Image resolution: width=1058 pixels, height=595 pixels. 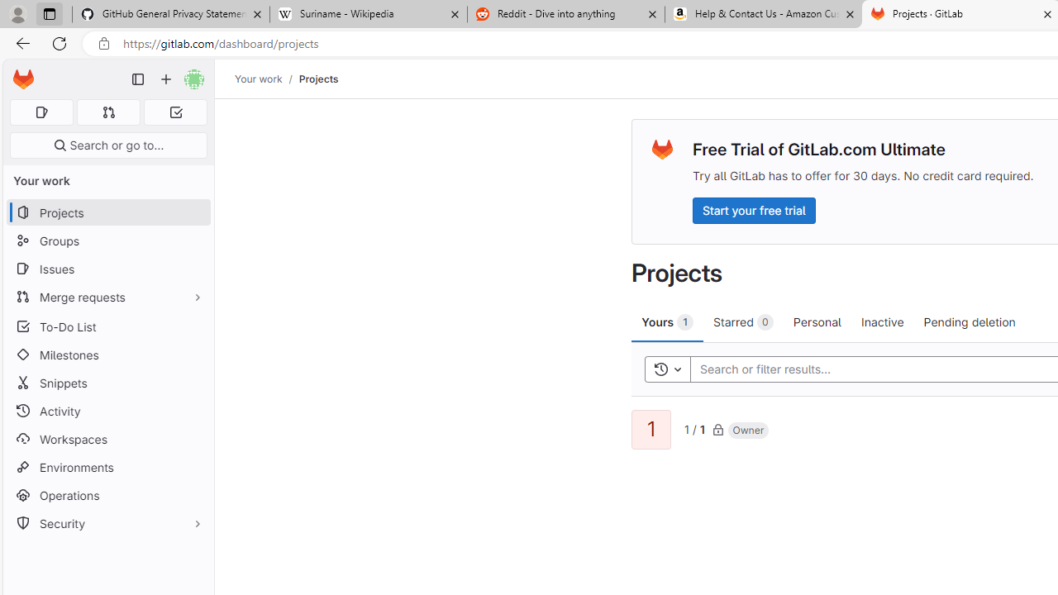 What do you see at coordinates (107, 467) in the screenshot?
I see `'Environments'` at bounding box center [107, 467].